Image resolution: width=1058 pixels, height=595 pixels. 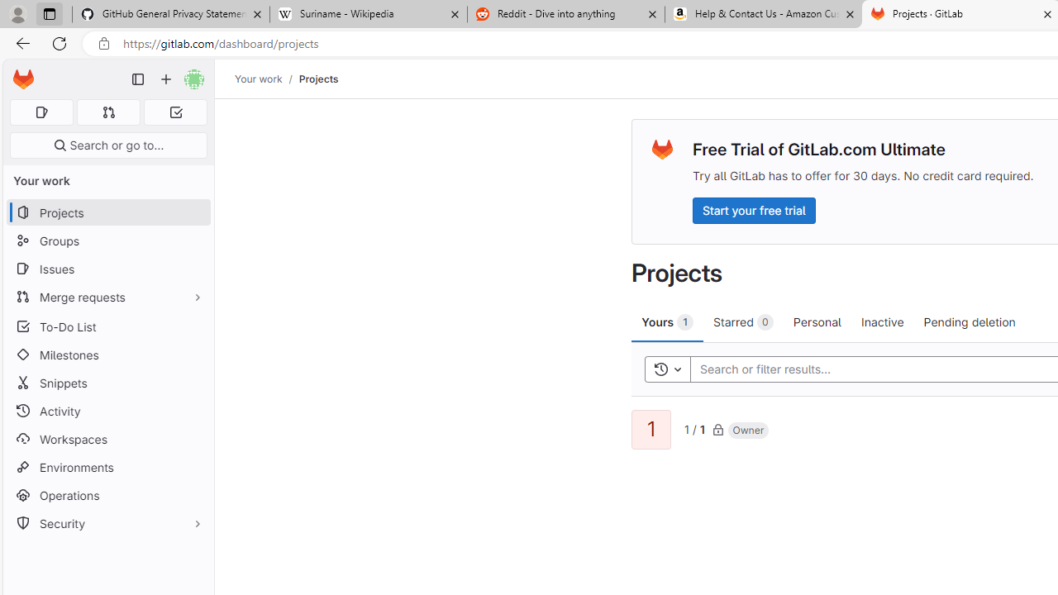 What do you see at coordinates (107, 467) in the screenshot?
I see `'Environments'` at bounding box center [107, 467].